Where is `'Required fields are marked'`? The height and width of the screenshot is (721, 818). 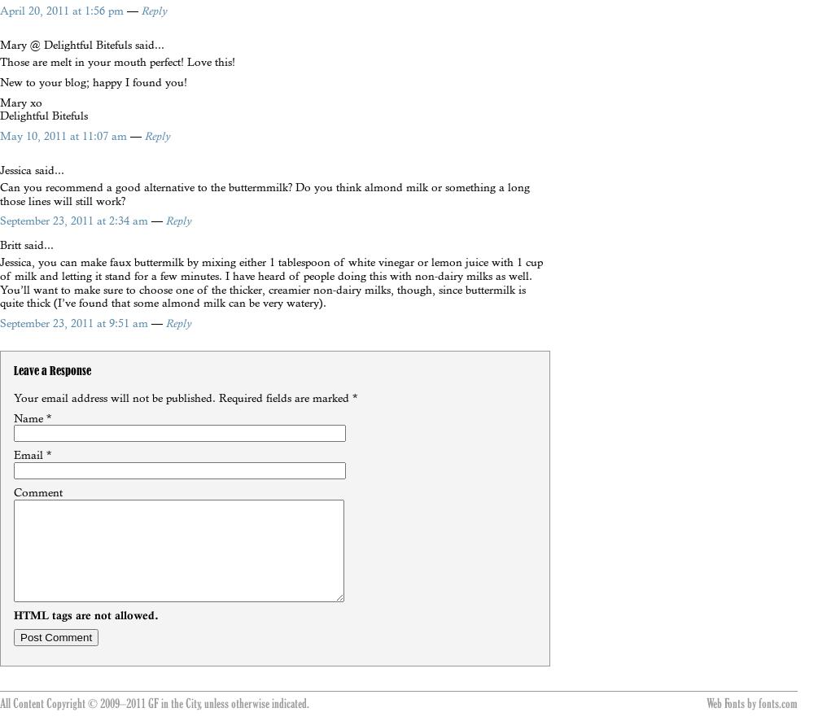
'Required fields are marked' is located at coordinates (284, 396).